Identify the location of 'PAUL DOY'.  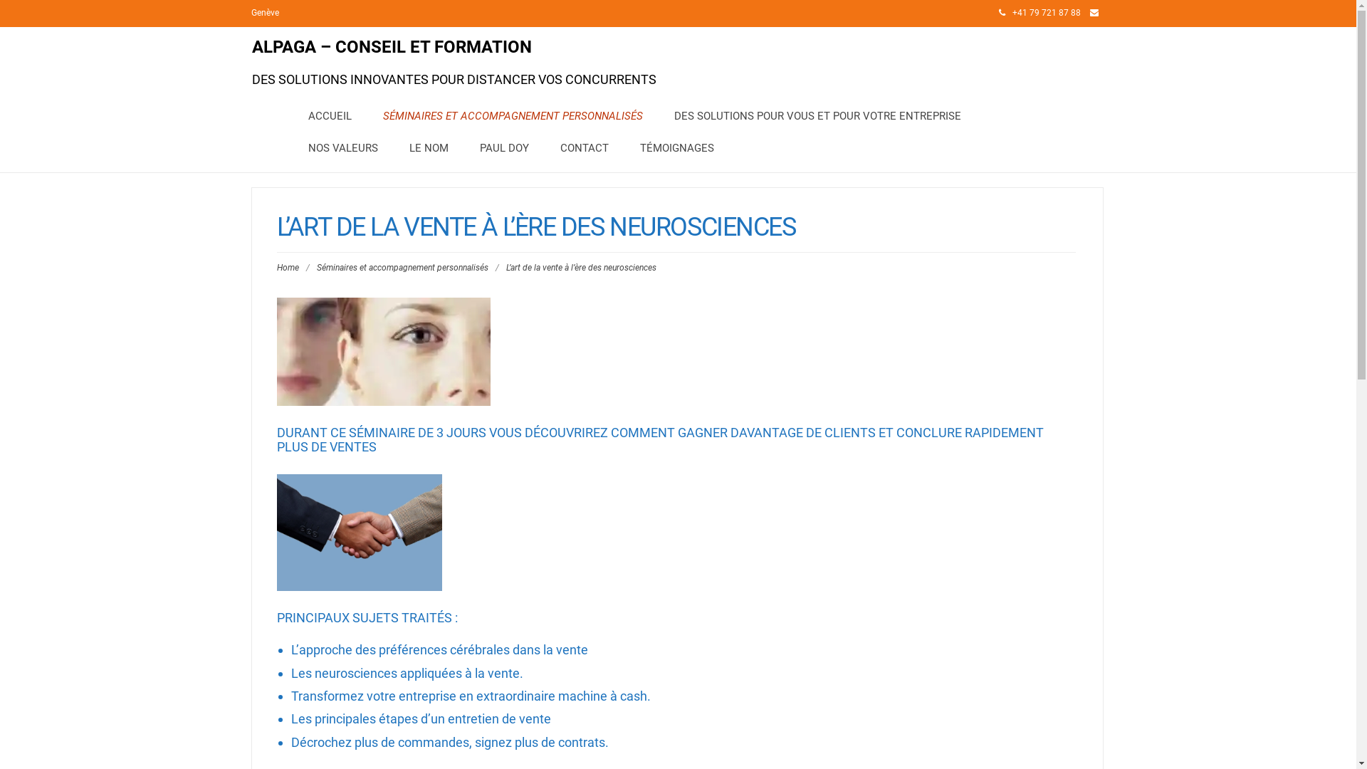
(504, 148).